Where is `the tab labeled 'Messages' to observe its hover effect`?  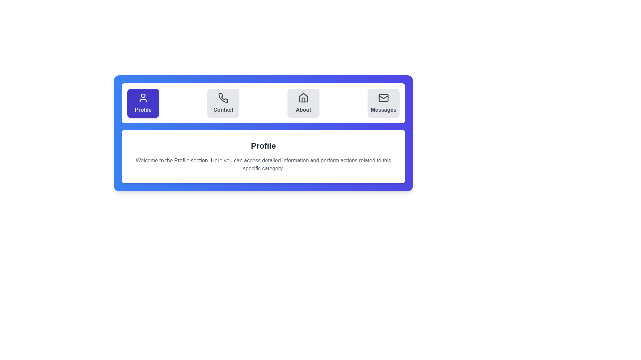 the tab labeled 'Messages' to observe its hover effect is located at coordinates (383, 103).